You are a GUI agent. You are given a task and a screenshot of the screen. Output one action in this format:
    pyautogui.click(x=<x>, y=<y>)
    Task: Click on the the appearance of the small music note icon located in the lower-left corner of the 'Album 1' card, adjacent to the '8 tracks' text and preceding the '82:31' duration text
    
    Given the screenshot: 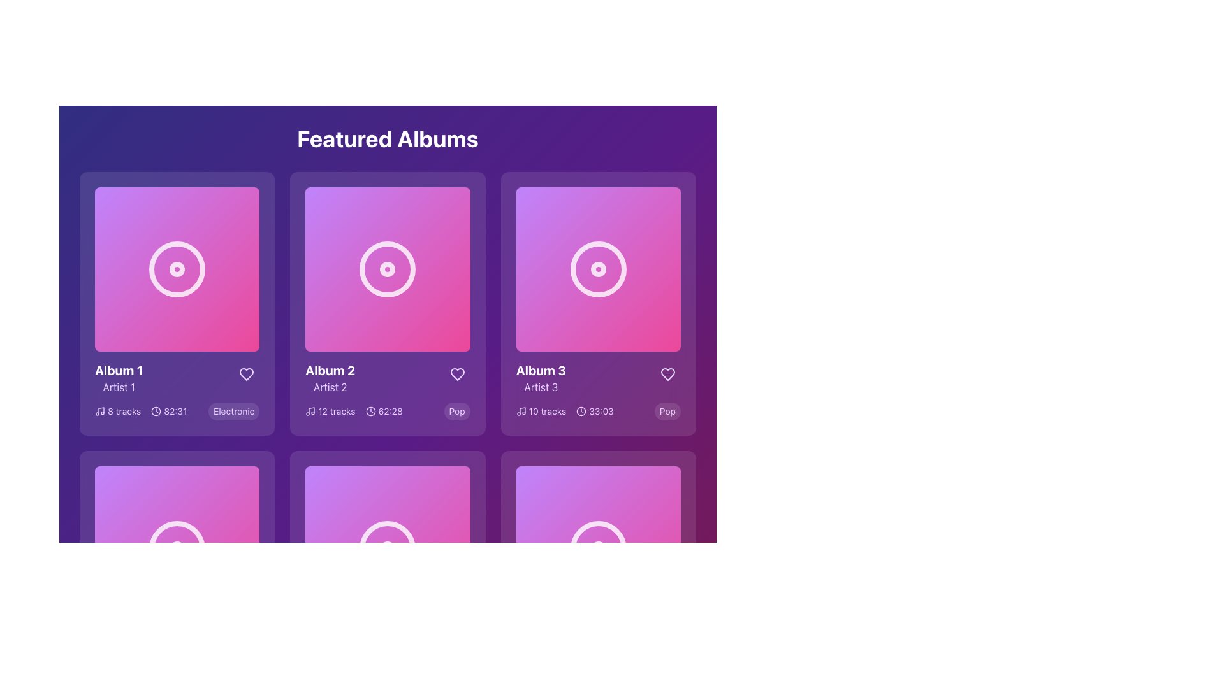 What is the action you would take?
    pyautogui.click(x=99, y=411)
    